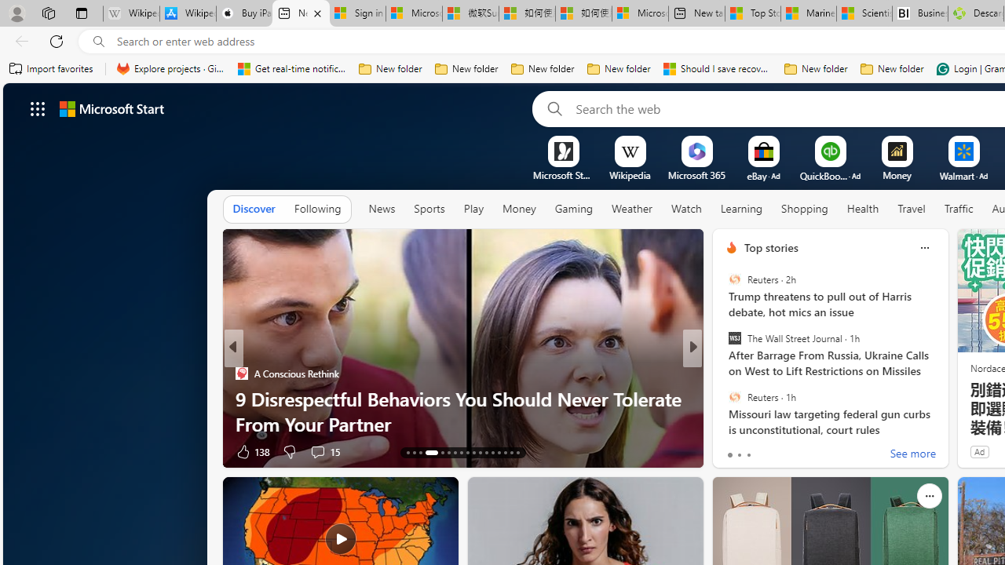 The image size is (1005, 565). I want to click on 'AutomationID: tab-16', so click(426, 453).